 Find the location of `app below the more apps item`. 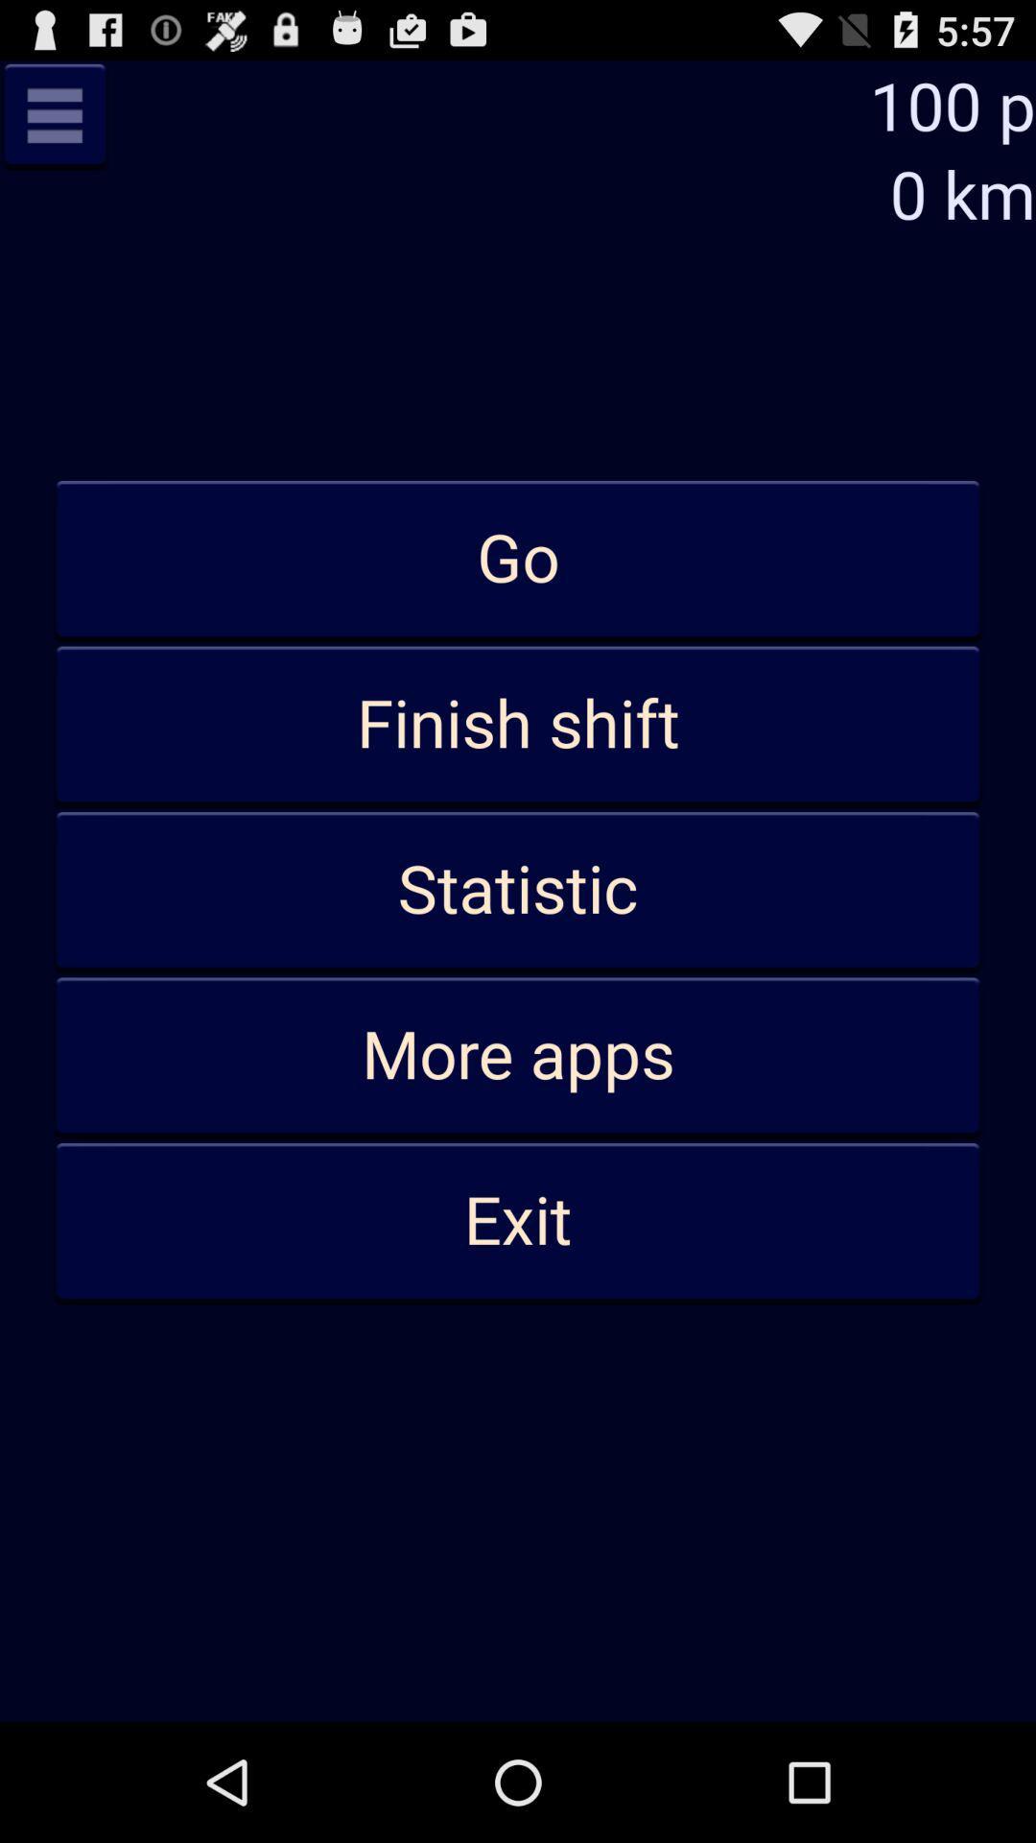

app below the more apps item is located at coordinates (518, 1221).